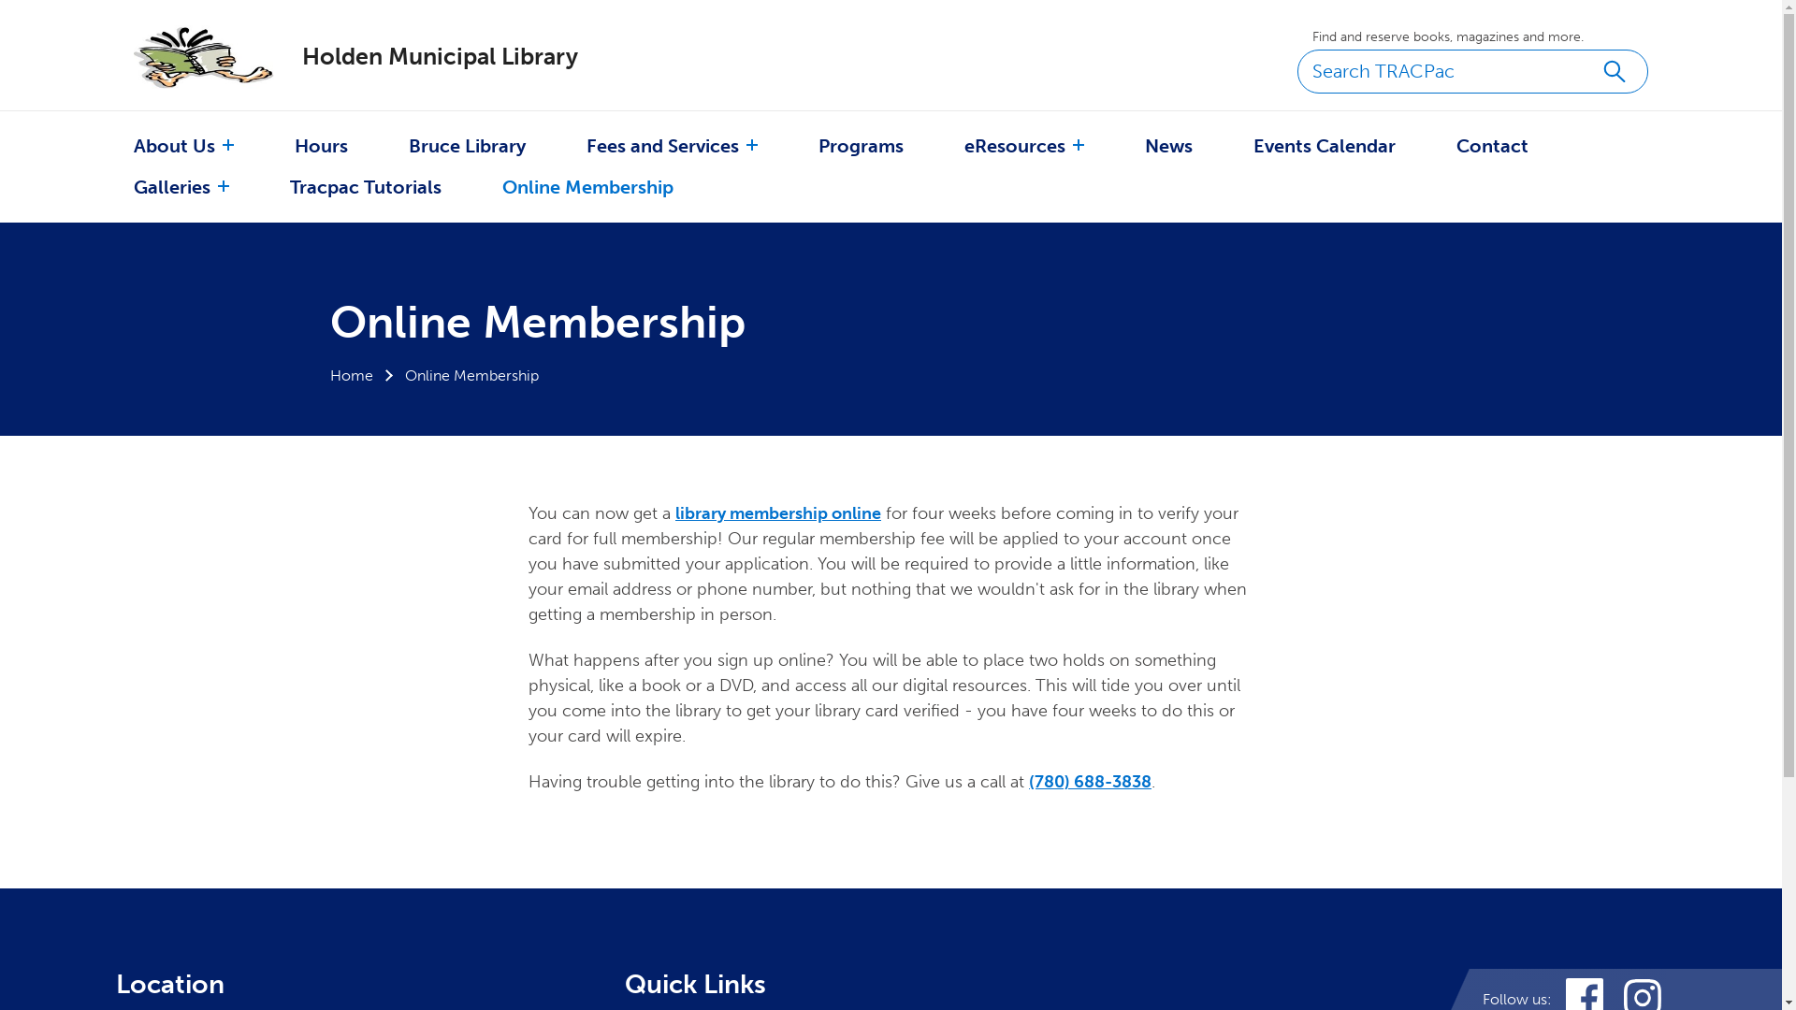  What do you see at coordinates (365, 187) in the screenshot?
I see `'Tracpac Tutorials'` at bounding box center [365, 187].